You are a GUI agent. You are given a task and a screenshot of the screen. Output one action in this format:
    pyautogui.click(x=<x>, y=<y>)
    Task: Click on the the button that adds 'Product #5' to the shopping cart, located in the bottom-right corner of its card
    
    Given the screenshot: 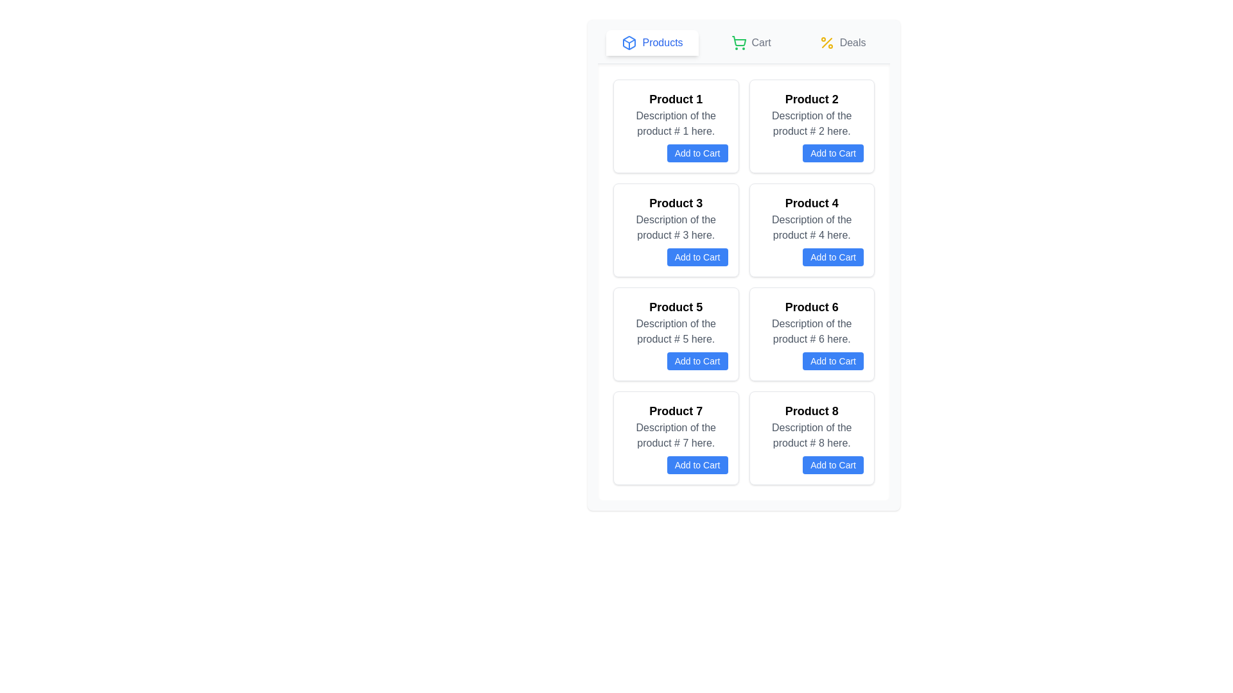 What is the action you would take?
    pyautogui.click(x=697, y=361)
    